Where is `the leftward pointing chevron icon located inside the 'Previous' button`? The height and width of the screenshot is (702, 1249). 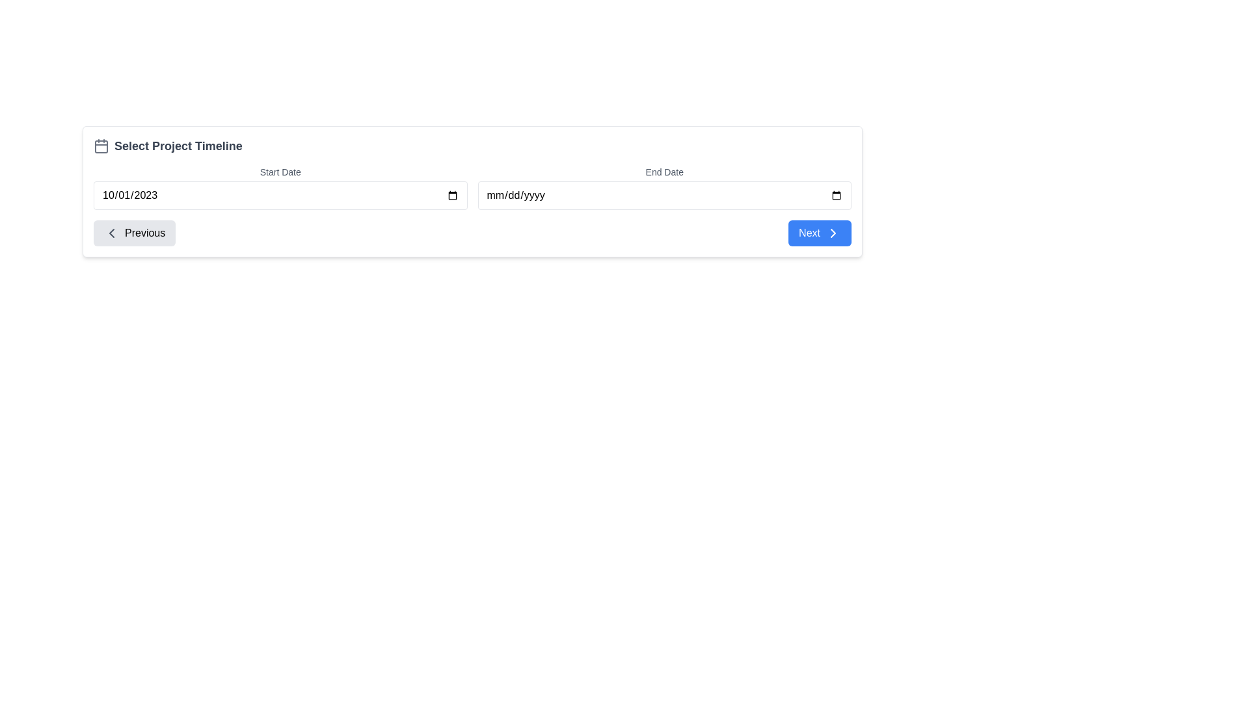
the leftward pointing chevron icon located inside the 'Previous' button is located at coordinates (112, 232).